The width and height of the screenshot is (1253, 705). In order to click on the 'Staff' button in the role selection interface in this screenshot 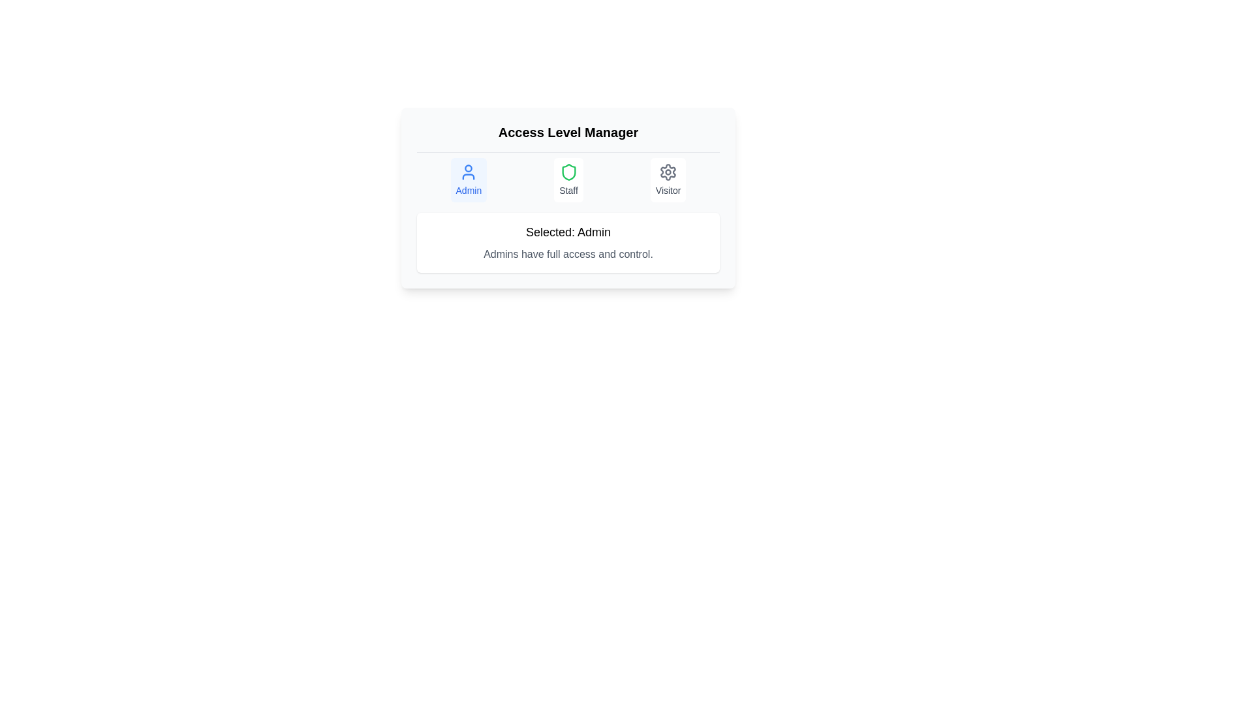, I will do `click(568, 176)`.